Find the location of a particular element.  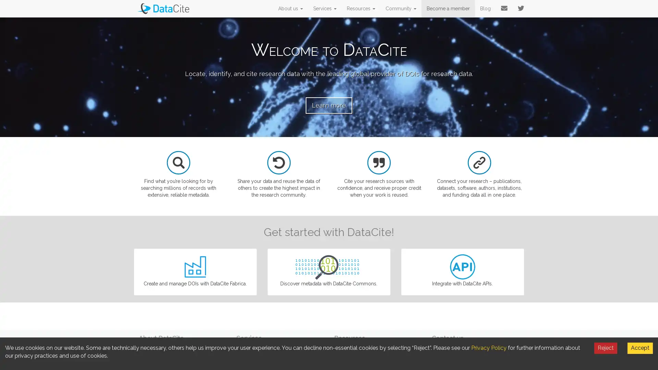

Decline cookies is located at coordinates (606, 348).